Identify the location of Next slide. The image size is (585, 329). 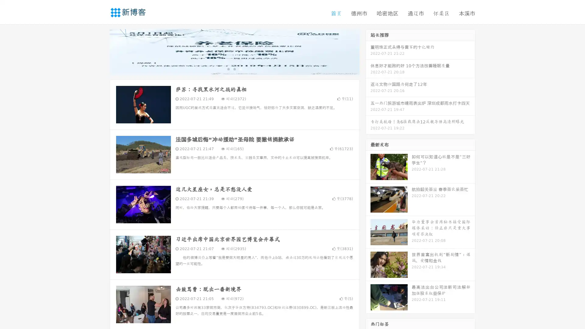
(368, 51).